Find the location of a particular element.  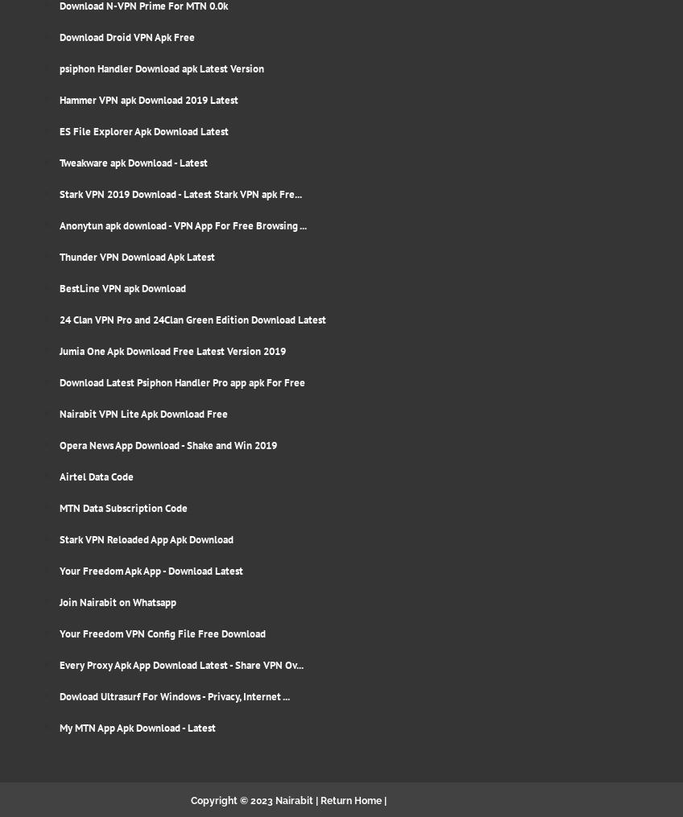

'Airtel Data Code' is located at coordinates (95, 475).